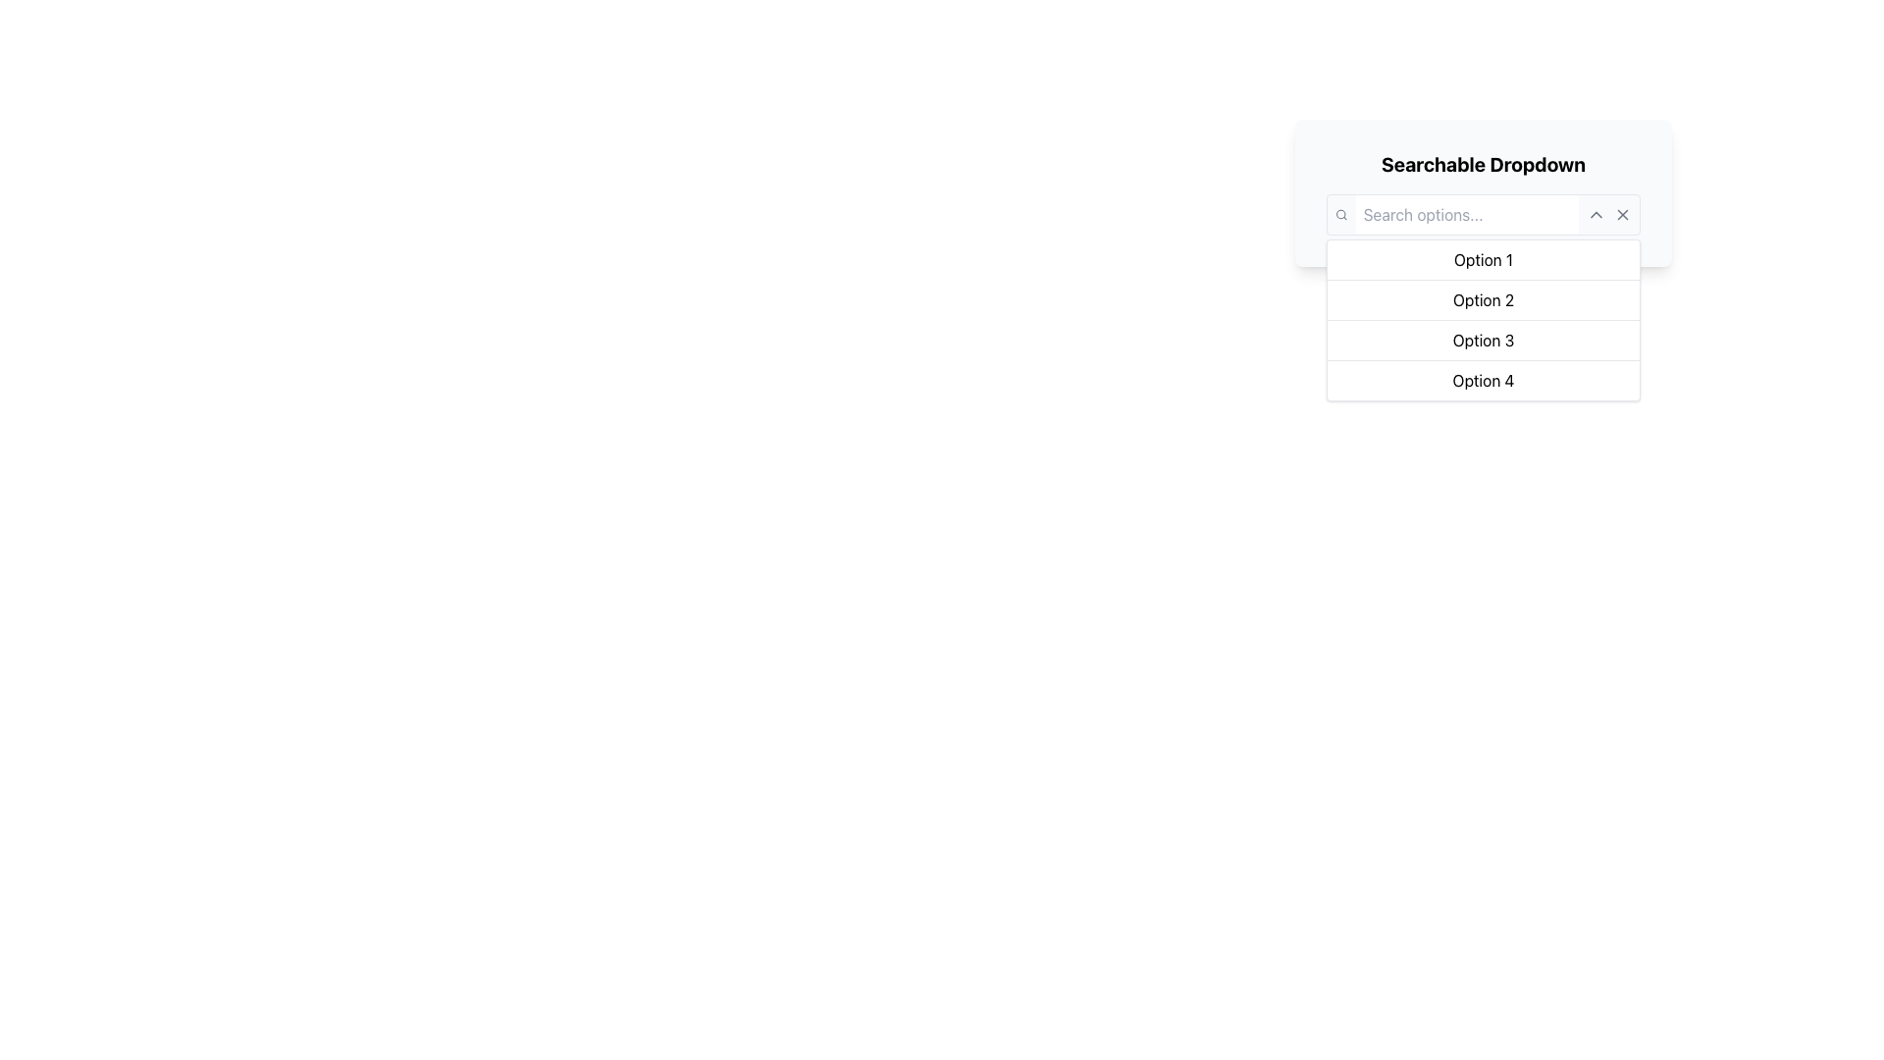  Describe the element at coordinates (1596, 215) in the screenshot. I see `the toggle button for the dropdown menu located to the right of the text input field and to the left of the close icon` at that location.